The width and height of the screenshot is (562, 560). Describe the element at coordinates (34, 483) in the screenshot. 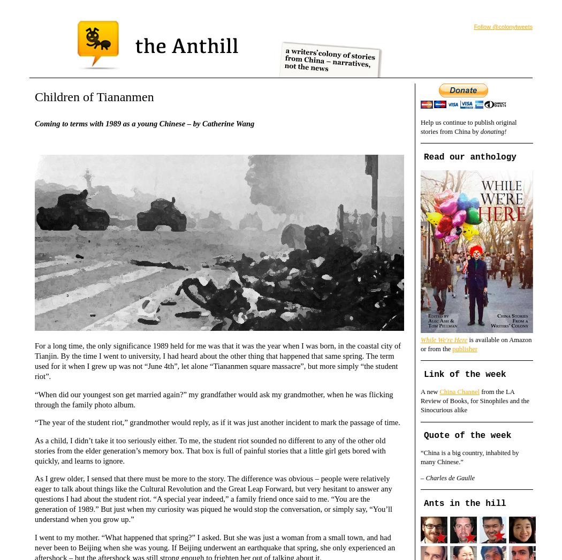

I see `'As I grew older, I sensed that there must be more to the story. The difference was obvious – people were relatively eager to talk about things like the Cultural Revolution and'` at that location.